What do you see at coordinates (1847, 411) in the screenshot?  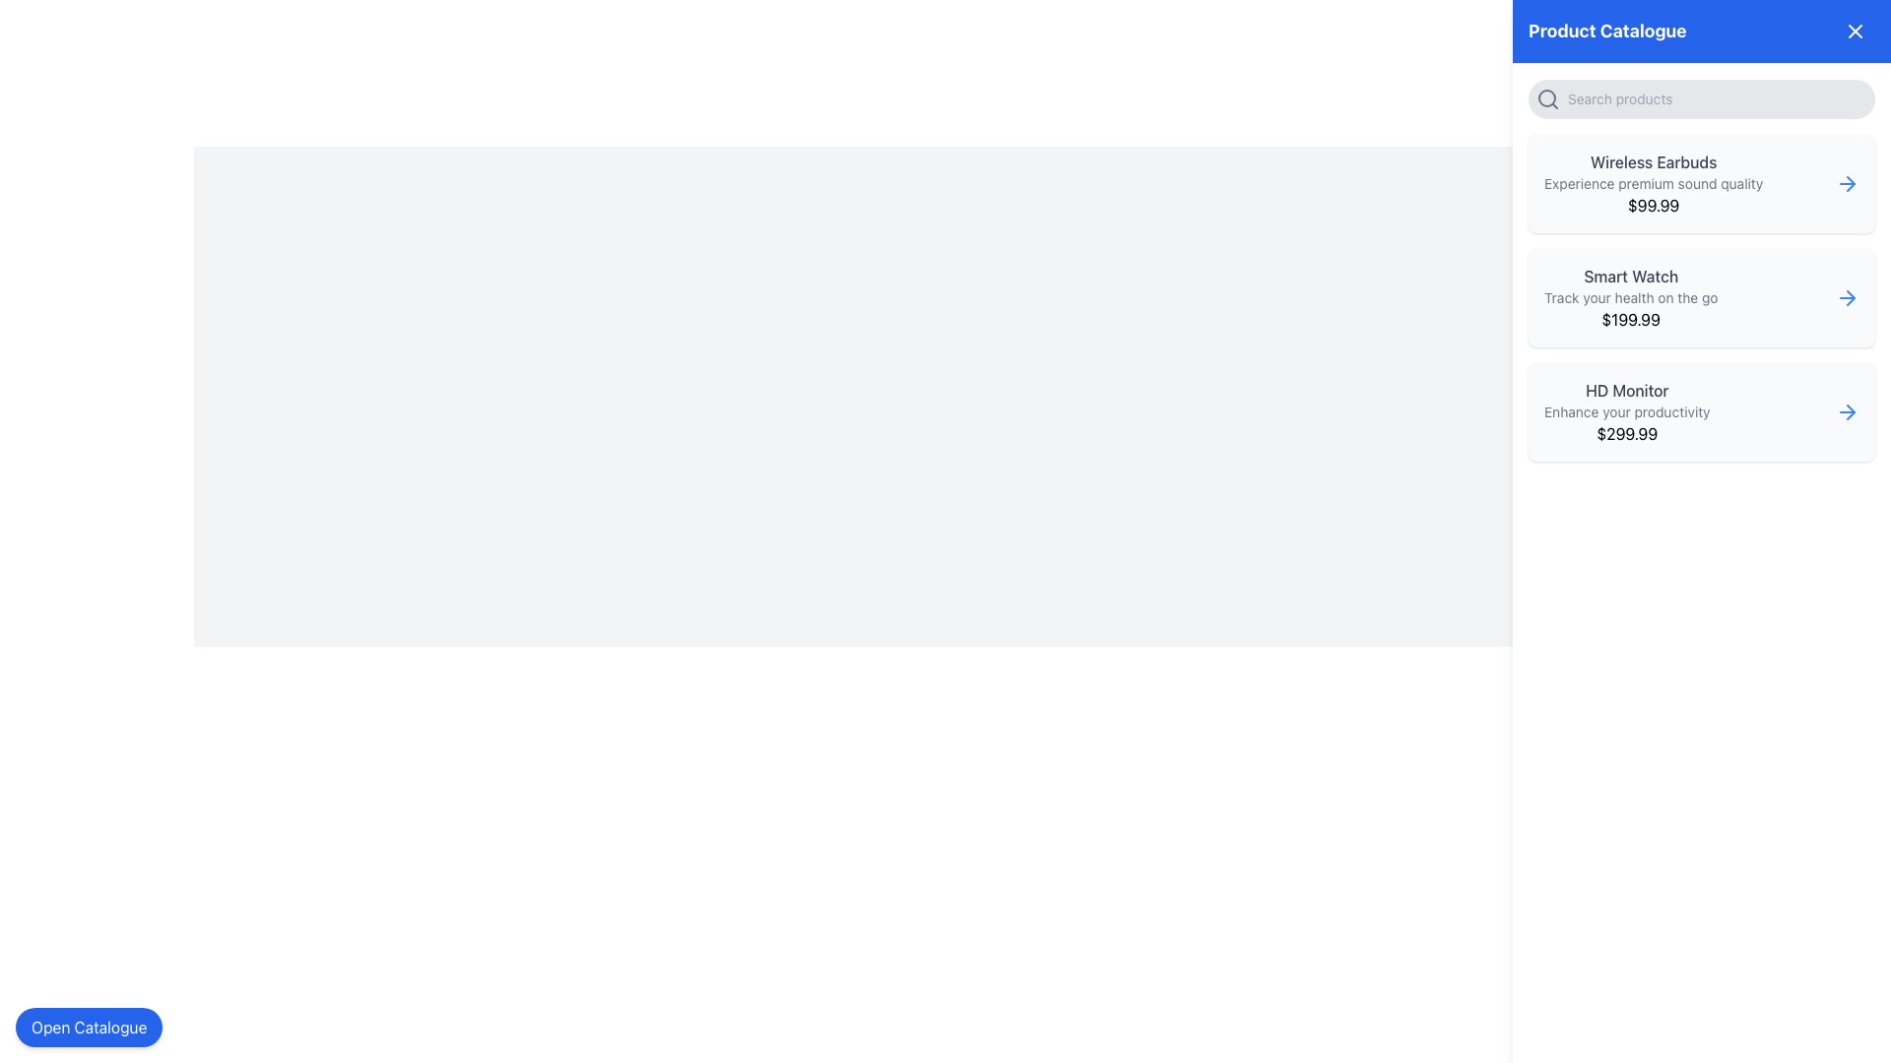 I see `the blue right-pointing arrow icon located in the top-right corner of the item card labeled 'HD Monitor Enhance your productivity $299.99'` at bounding box center [1847, 411].